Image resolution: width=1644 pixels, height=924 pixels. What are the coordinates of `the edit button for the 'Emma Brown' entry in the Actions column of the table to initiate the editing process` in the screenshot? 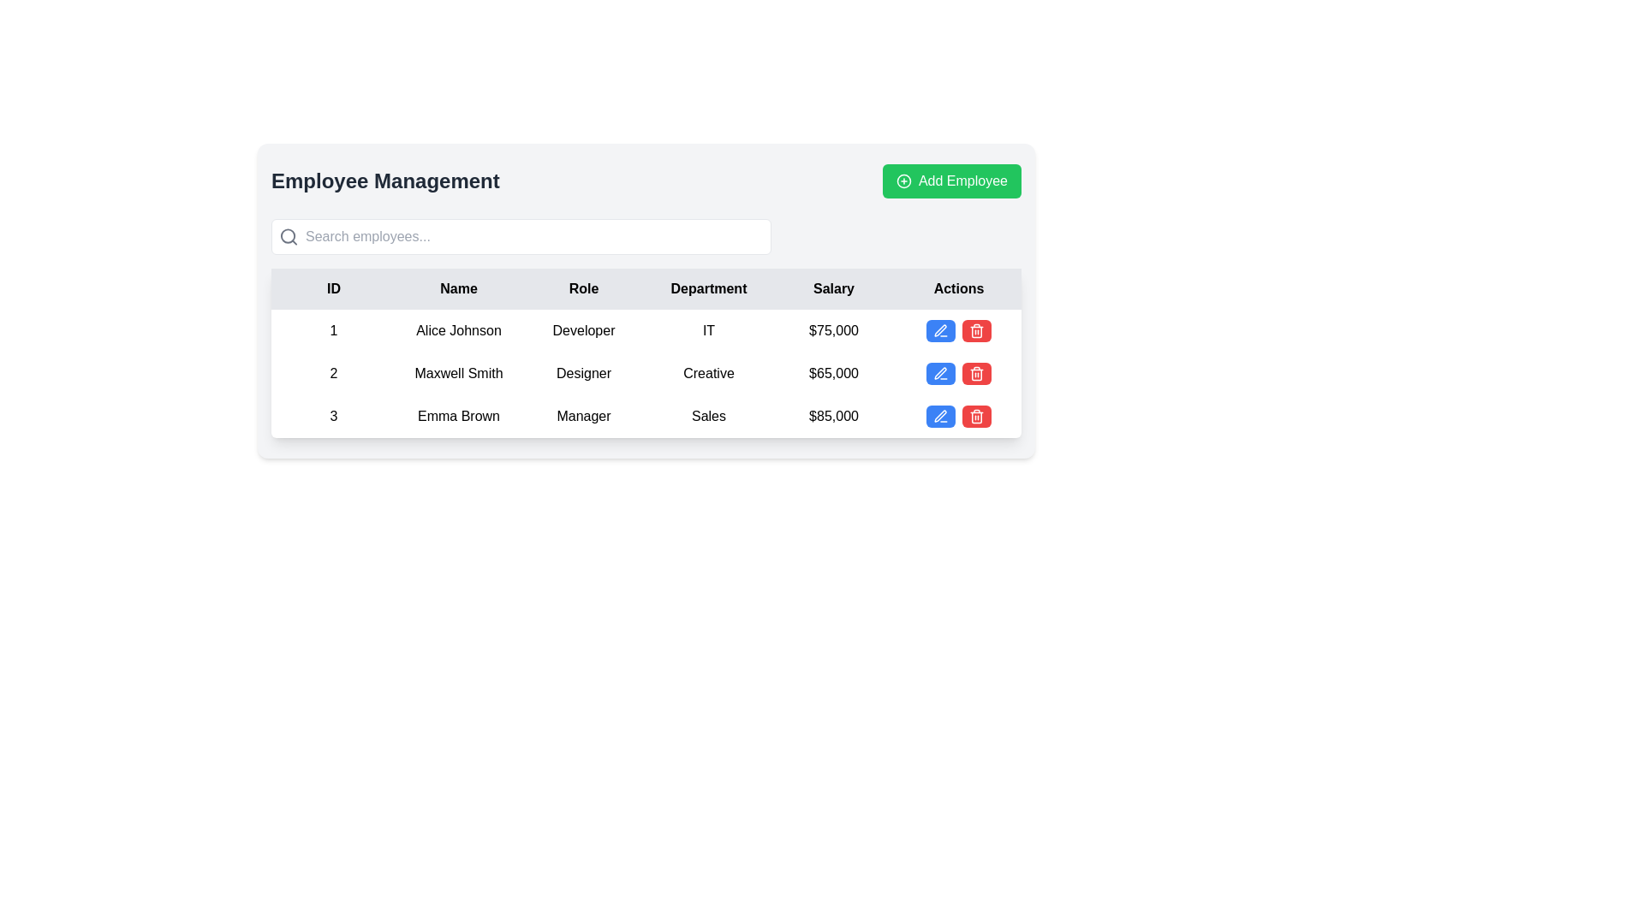 It's located at (940, 416).